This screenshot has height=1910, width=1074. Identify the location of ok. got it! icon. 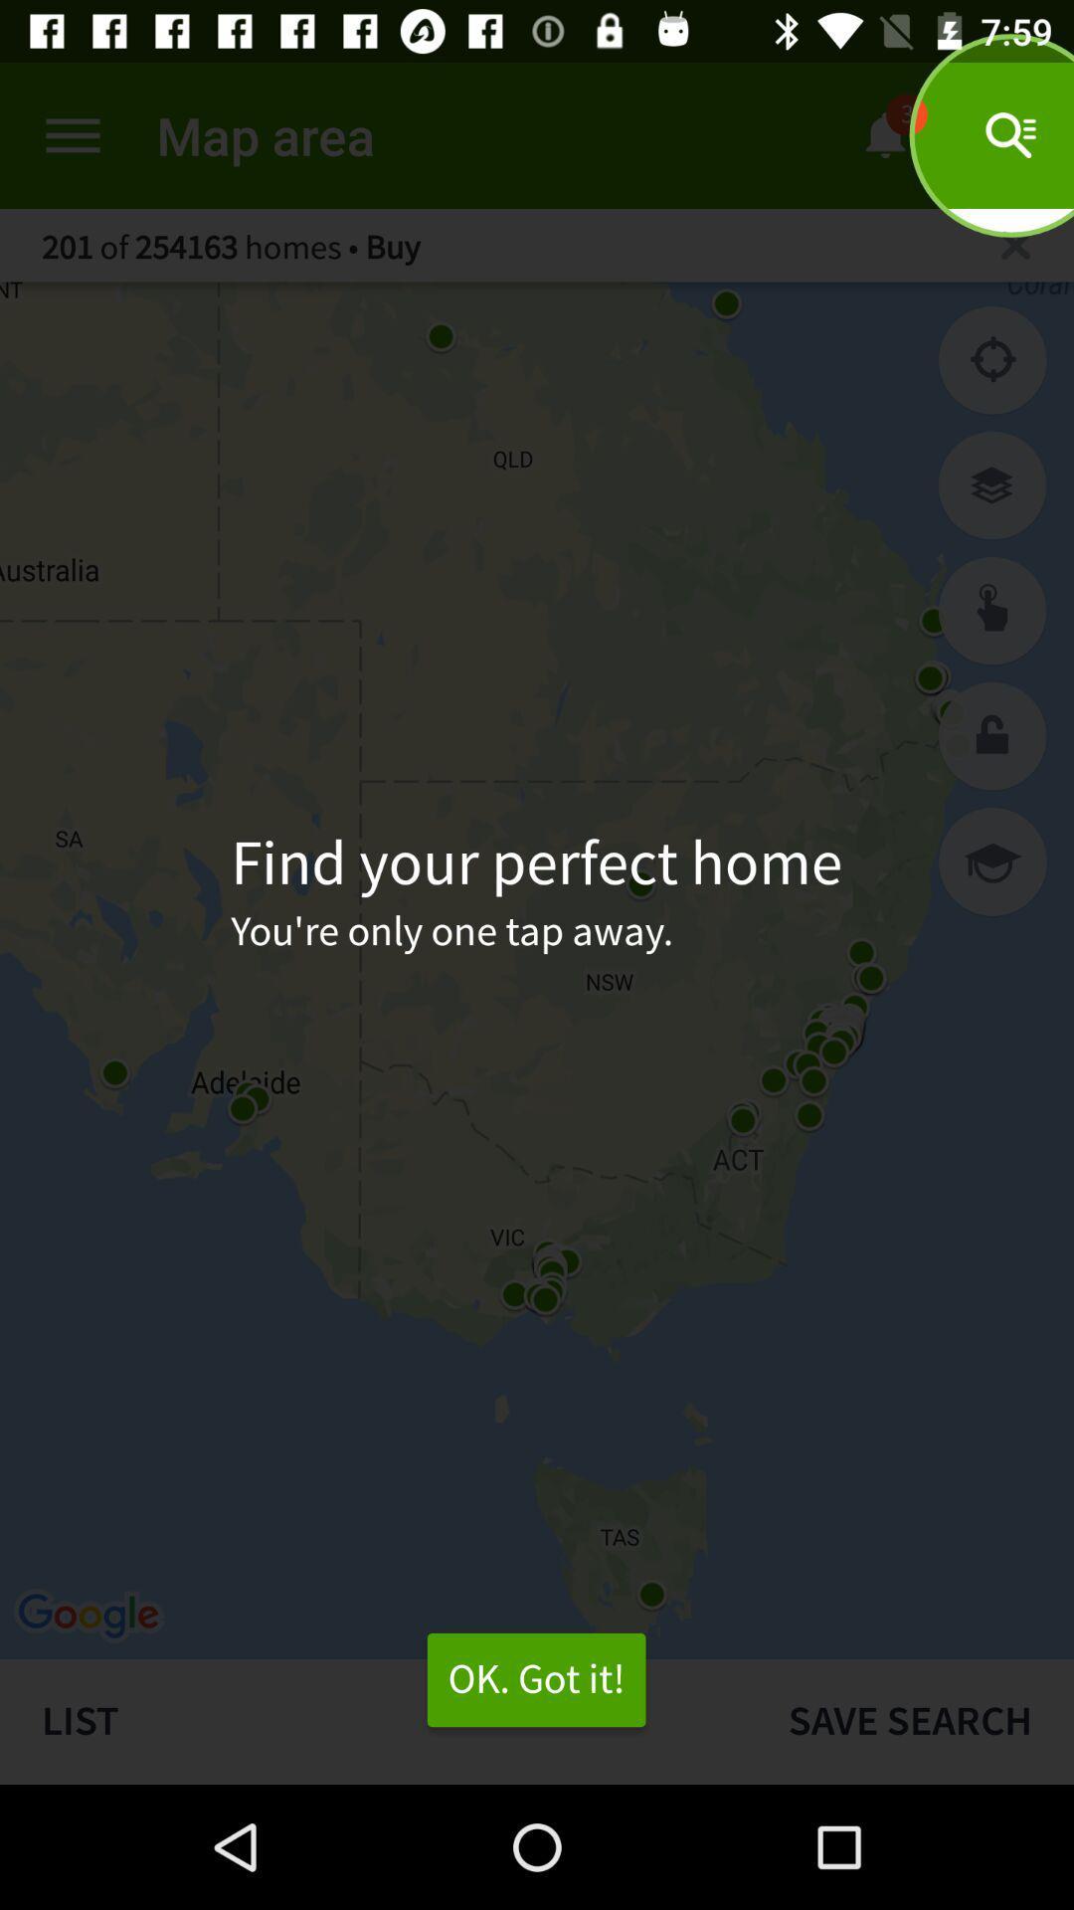
(535, 1679).